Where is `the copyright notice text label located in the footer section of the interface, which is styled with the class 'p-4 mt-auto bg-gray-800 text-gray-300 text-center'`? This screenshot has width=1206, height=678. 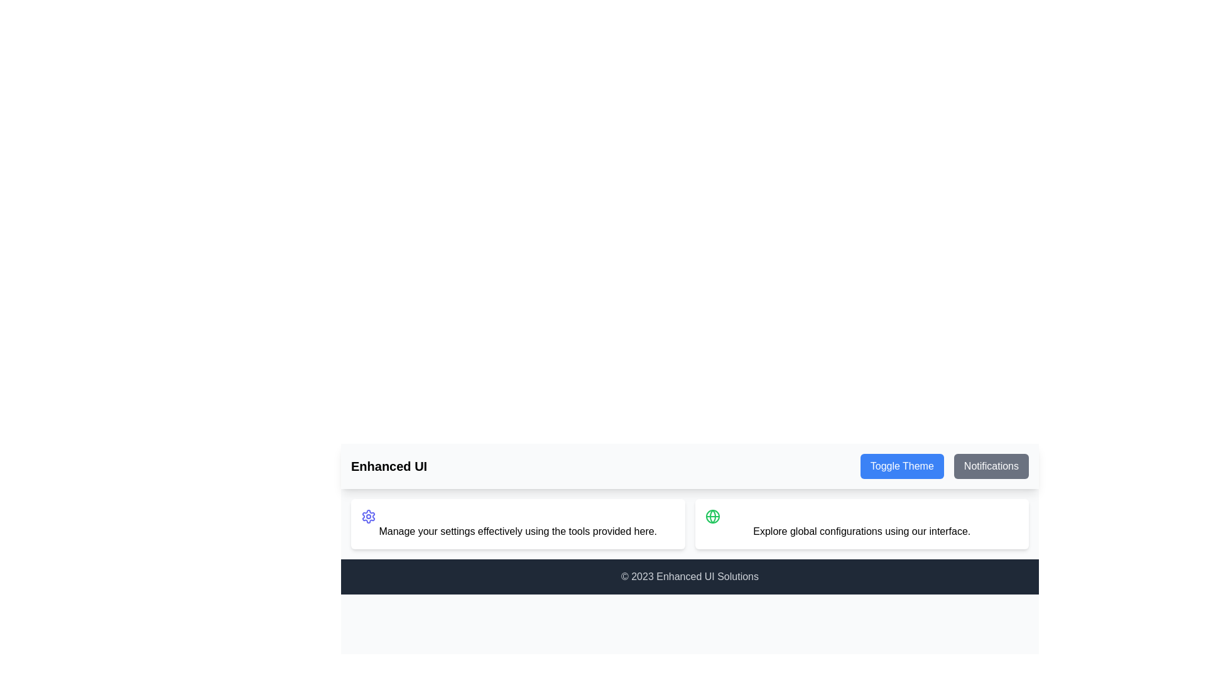
the copyright notice text label located in the footer section of the interface, which is styled with the class 'p-4 mt-auto bg-gray-800 text-gray-300 text-center' is located at coordinates (689, 576).